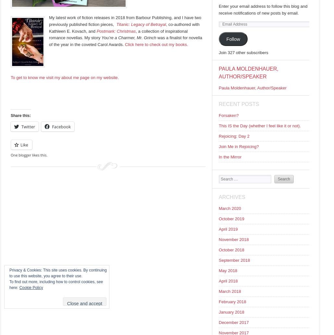 The image size is (334, 335). Describe the element at coordinates (239, 146) in the screenshot. I see `'Join Me in Rejoicing?'` at that location.